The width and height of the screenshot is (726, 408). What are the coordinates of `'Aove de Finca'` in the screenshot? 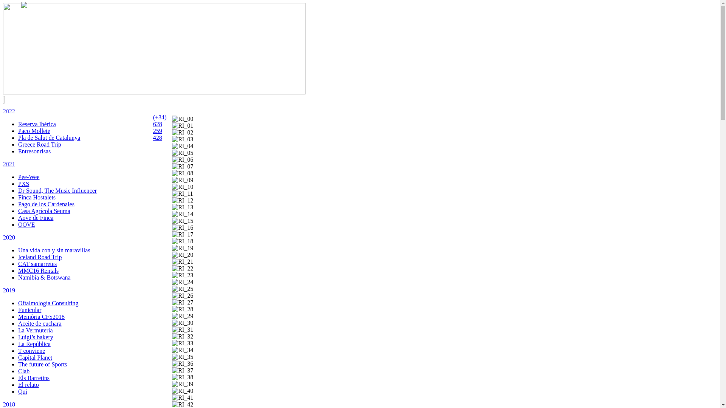 It's located at (35, 218).